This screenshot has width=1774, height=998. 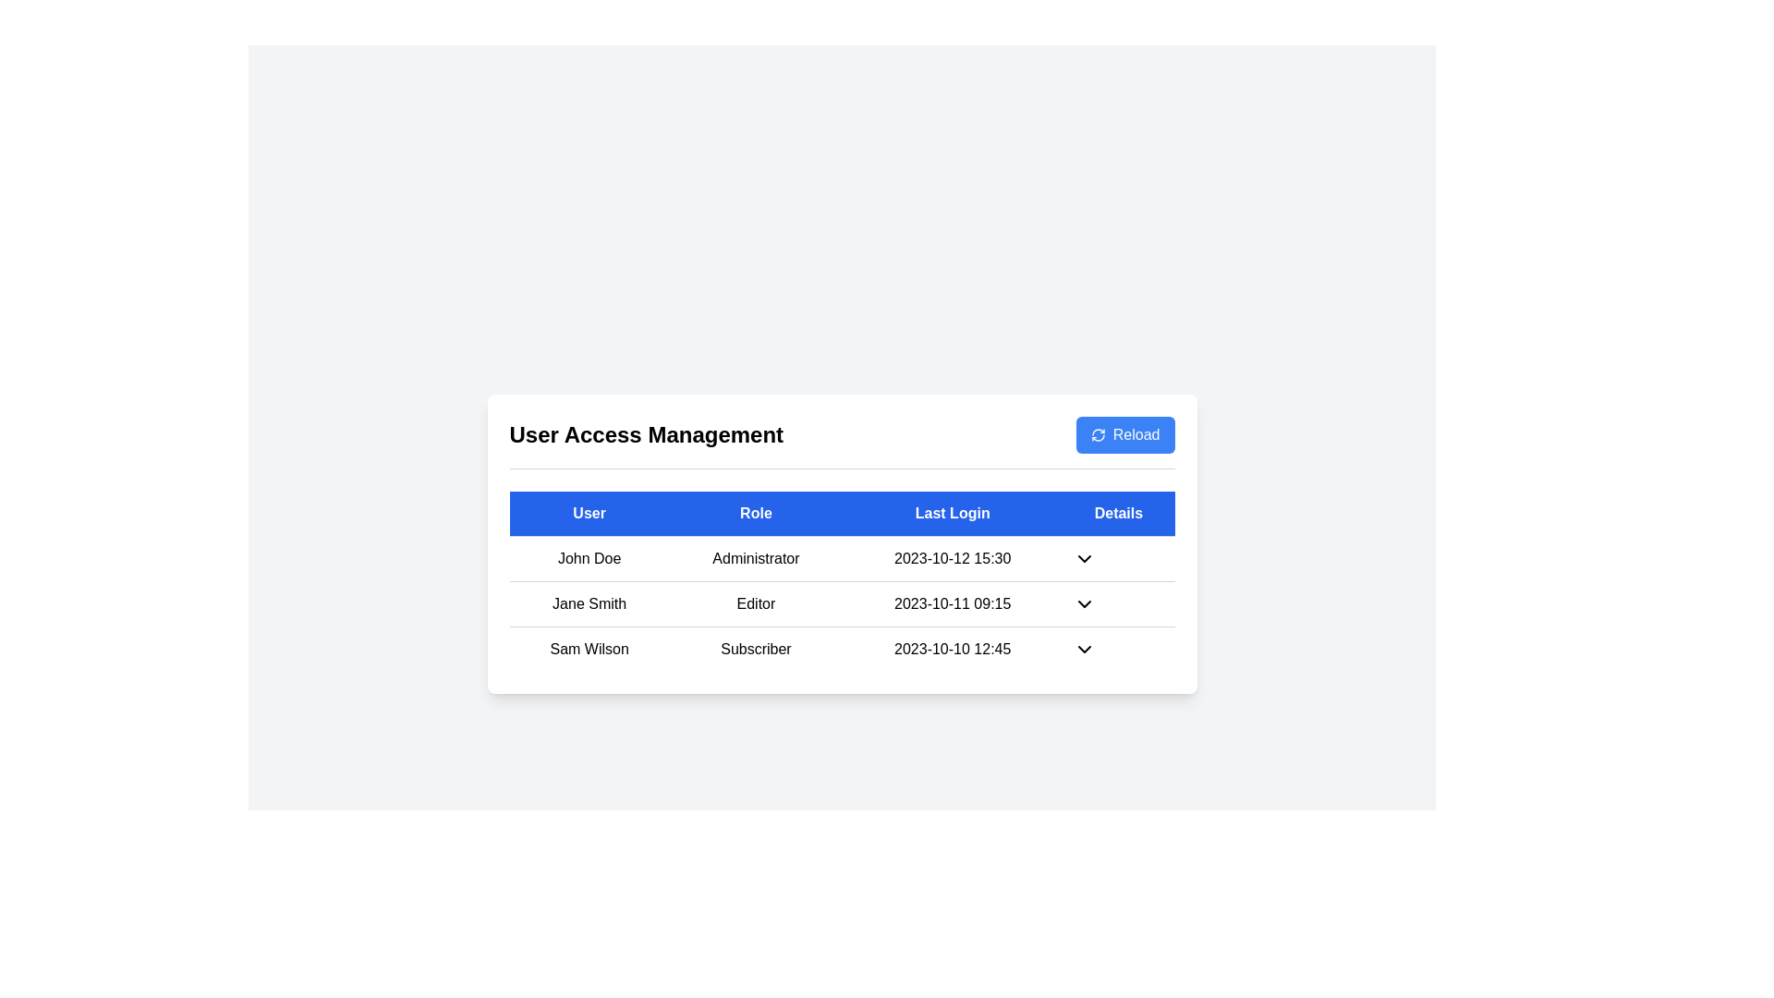 What do you see at coordinates (841, 558) in the screenshot?
I see `the first row of the user information list` at bounding box center [841, 558].